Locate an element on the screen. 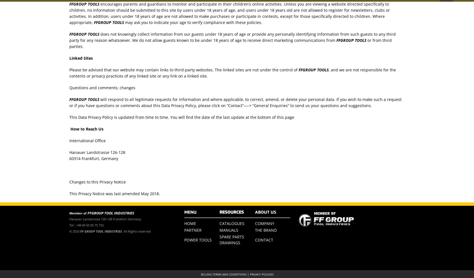 This screenshot has width=474, height=278. 'PARTNER' is located at coordinates (193, 230).